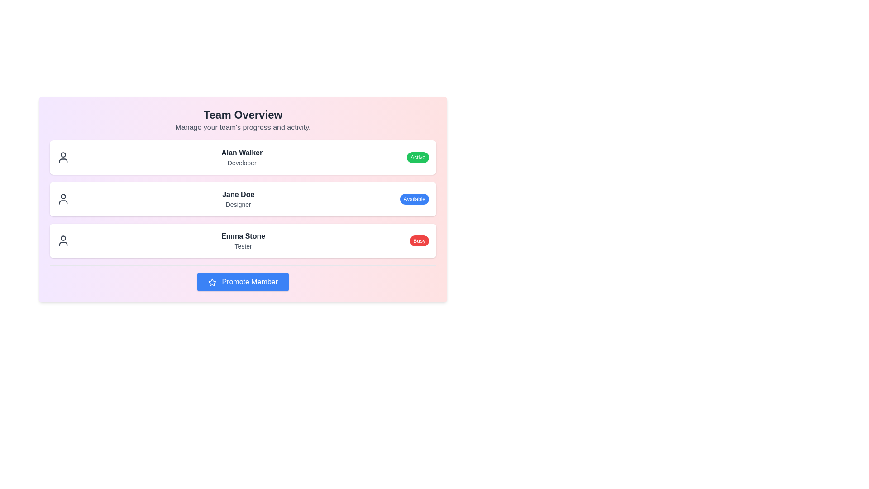  What do you see at coordinates (243, 127) in the screenshot?
I see `the descriptive subtitle below the 'Team Overview' title, which provides additional context for the section` at bounding box center [243, 127].